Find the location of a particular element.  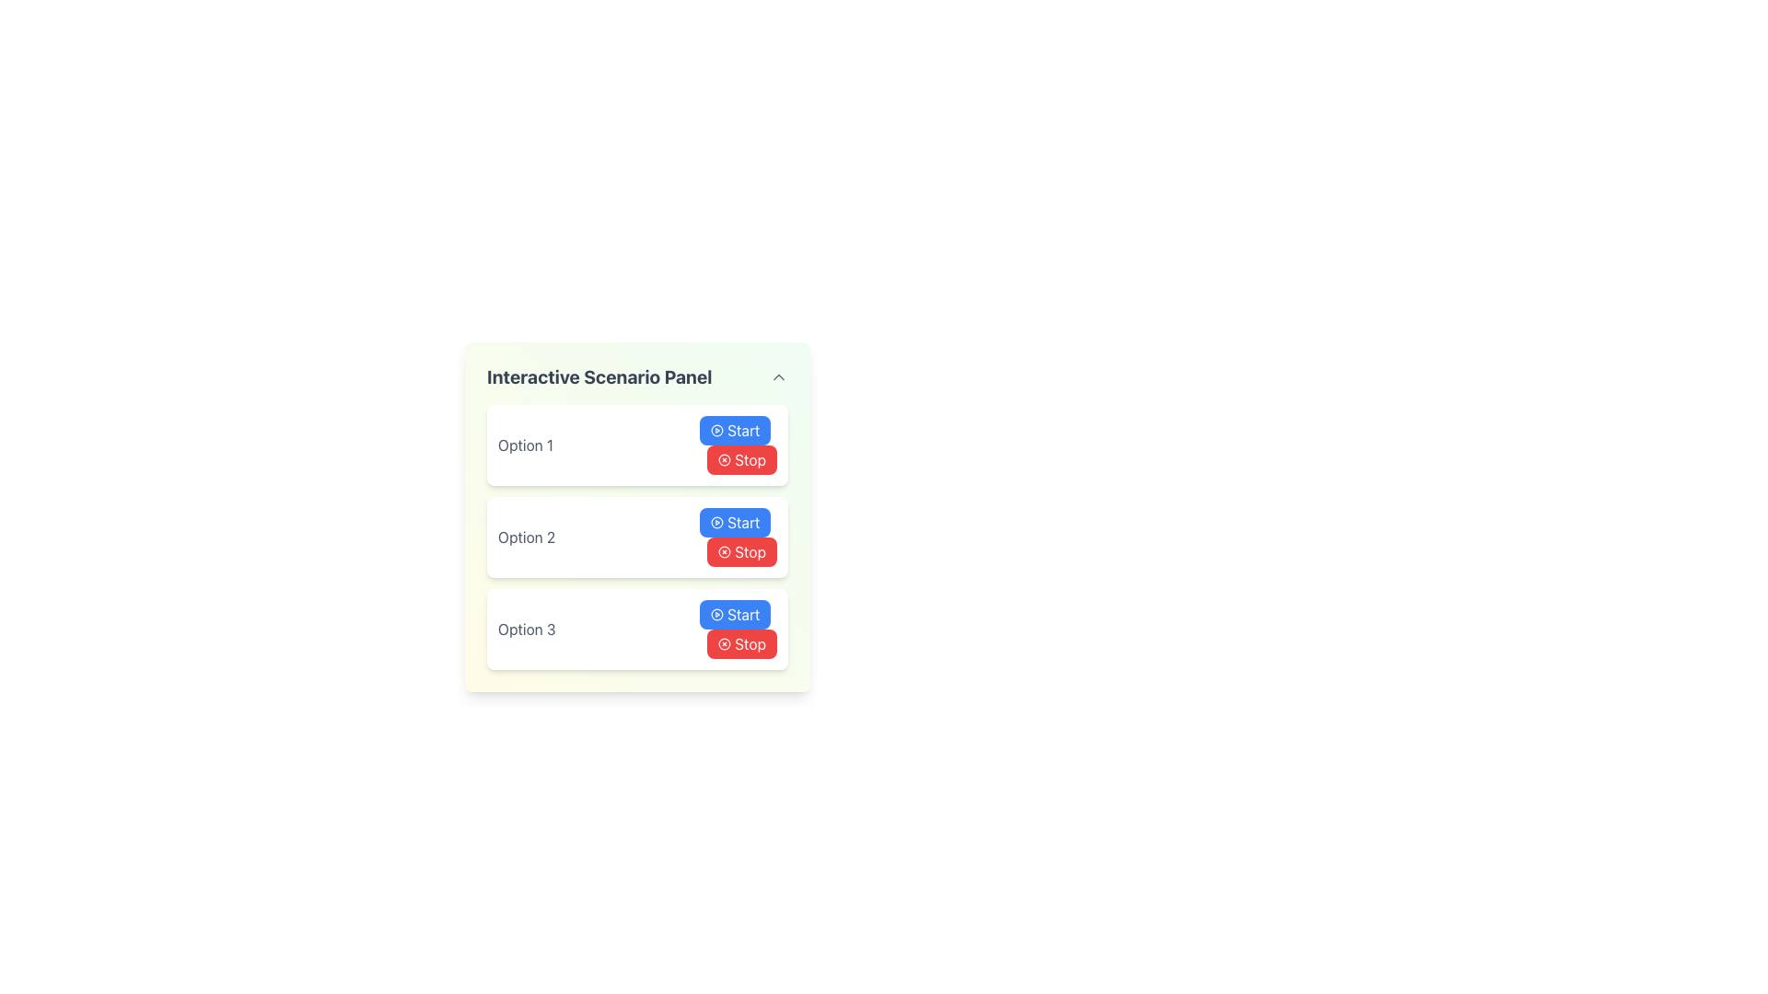

the circular 'Start' icon resembling a play button, which is blue with a white outline, located to the left of the text 'Start' in the third row of the interactive options panel is located at coordinates (716, 614).